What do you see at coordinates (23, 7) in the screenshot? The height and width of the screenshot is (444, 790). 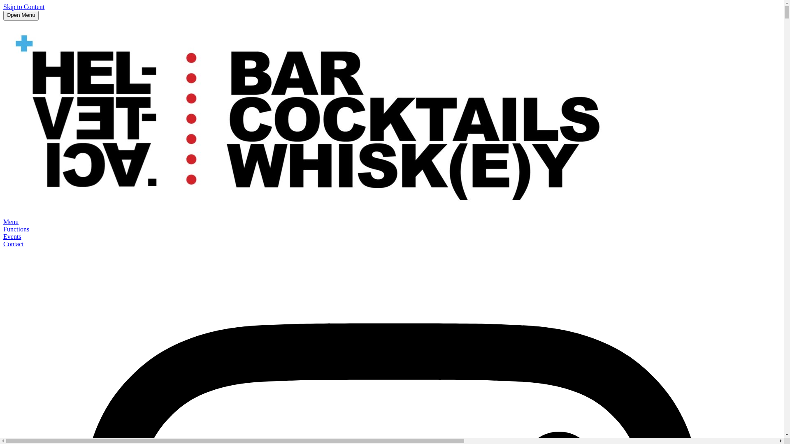 I see `'Skip to Content'` at bounding box center [23, 7].